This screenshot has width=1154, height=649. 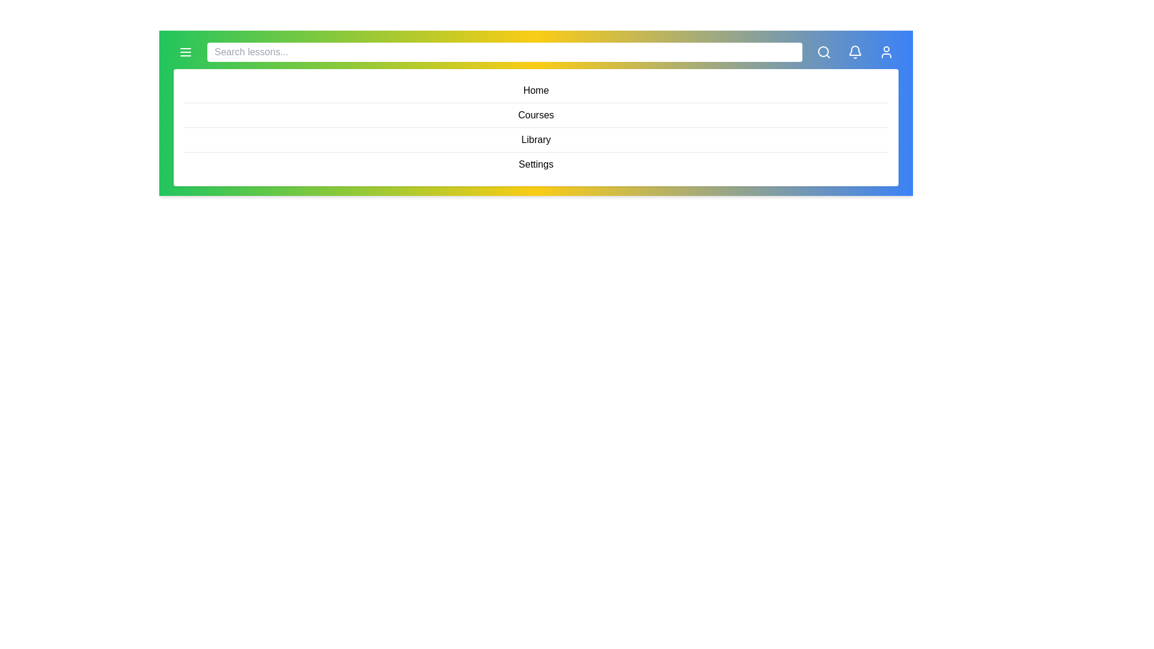 I want to click on the search input field and type 'Learn React', so click(x=505, y=52).